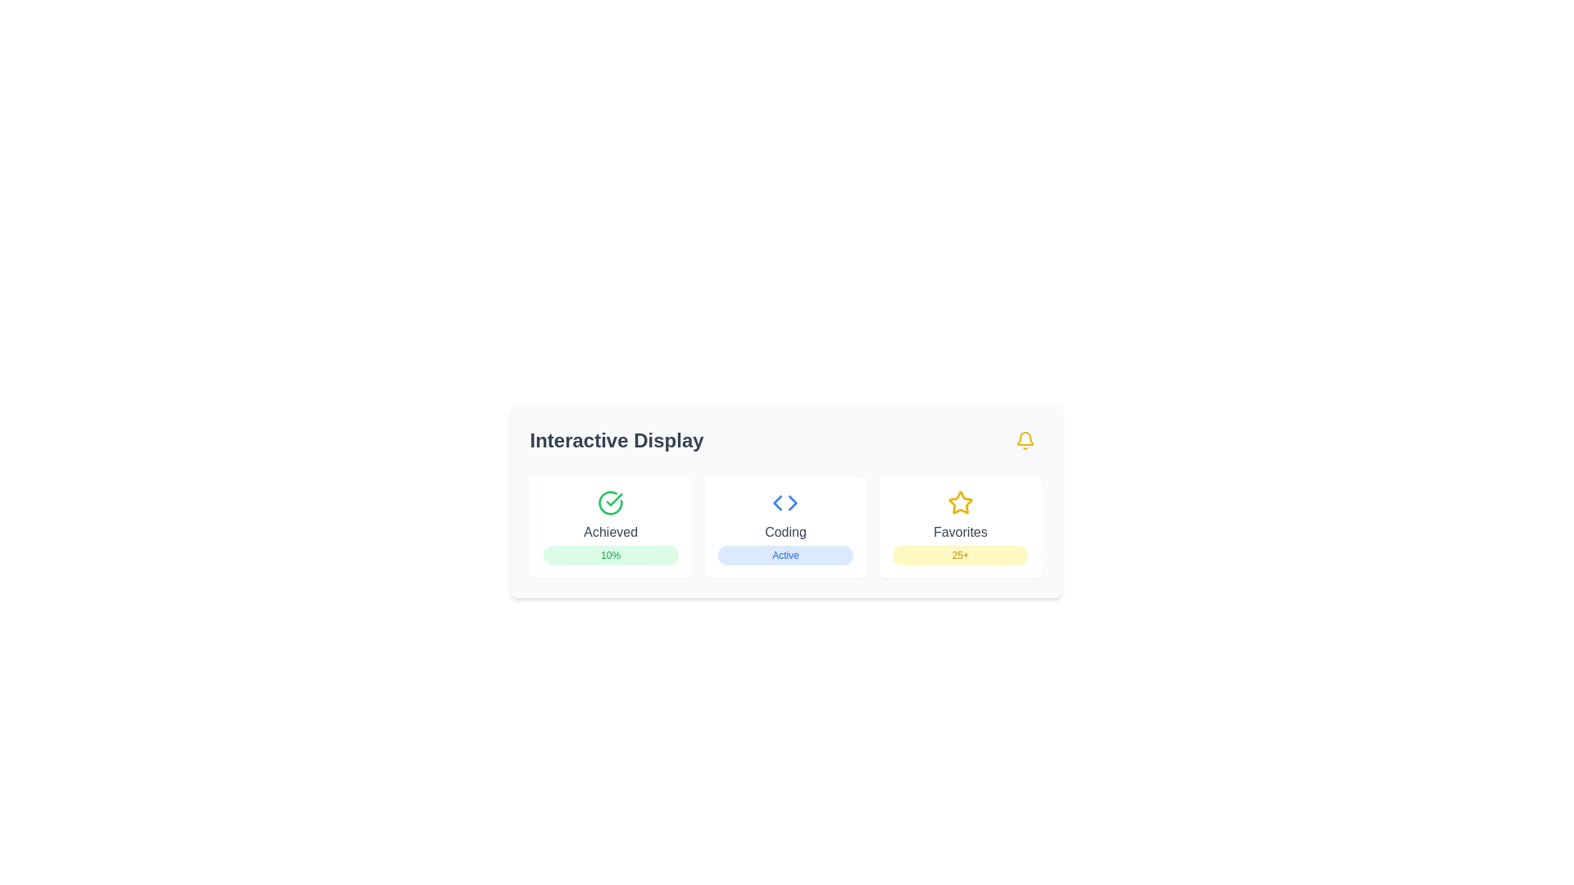 This screenshot has width=1574, height=885. Describe the element at coordinates (960, 501) in the screenshot. I see `the star-shaped yellow icon associated with 'Favorites', located at the rightmost position in a three-column layout` at that location.